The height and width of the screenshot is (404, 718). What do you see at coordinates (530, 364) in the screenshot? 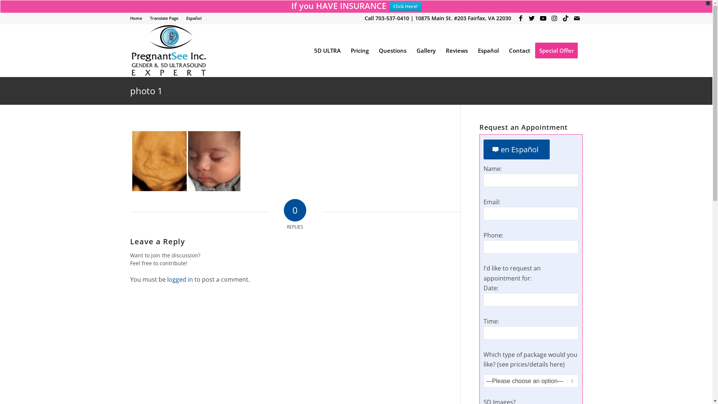
I see `'see prices/details here'` at bounding box center [530, 364].